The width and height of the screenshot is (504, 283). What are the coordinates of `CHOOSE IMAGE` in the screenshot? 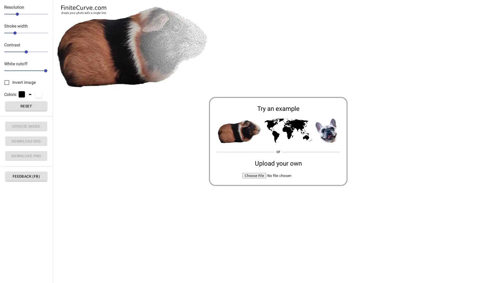 It's located at (26, 126).